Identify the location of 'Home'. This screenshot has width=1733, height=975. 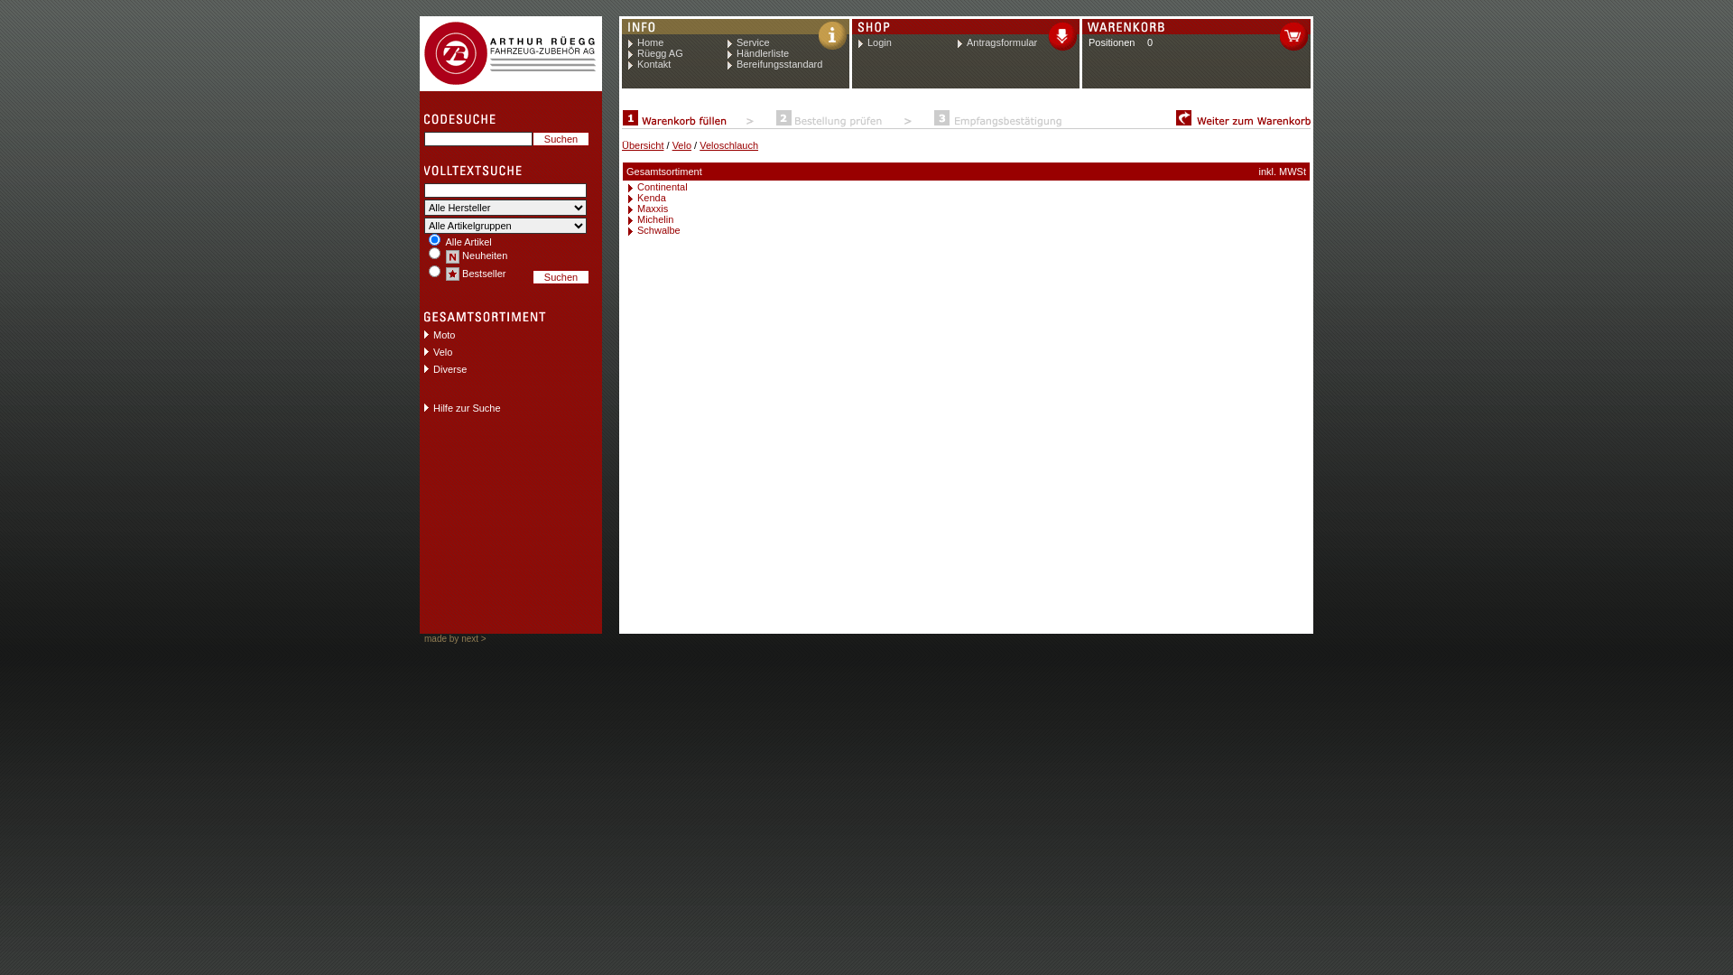
(628, 41).